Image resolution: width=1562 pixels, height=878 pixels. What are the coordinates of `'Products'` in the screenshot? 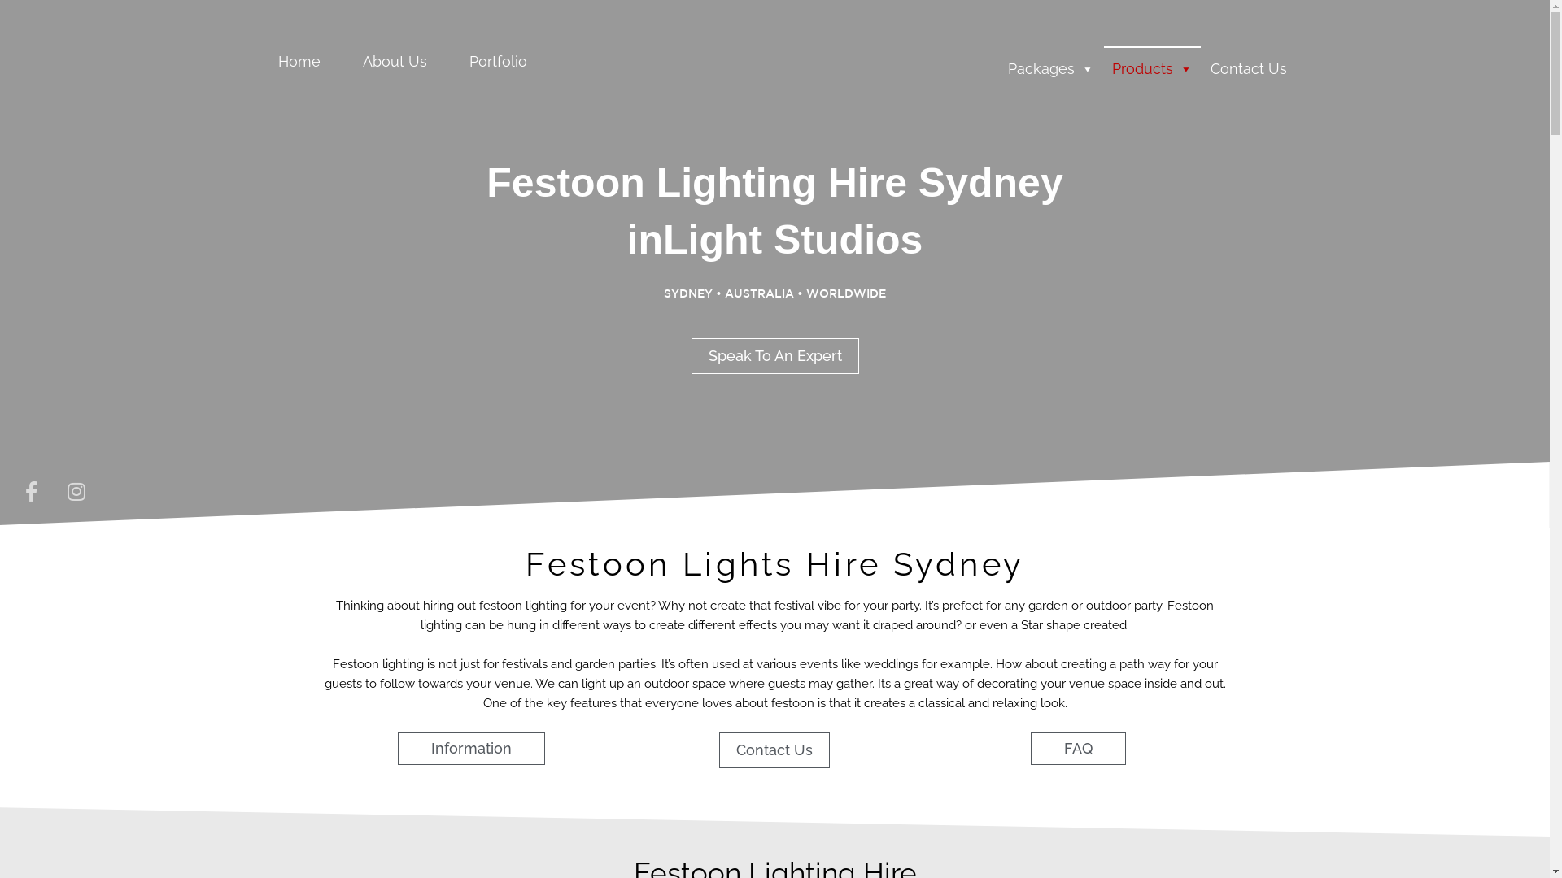 It's located at (1151, 61).